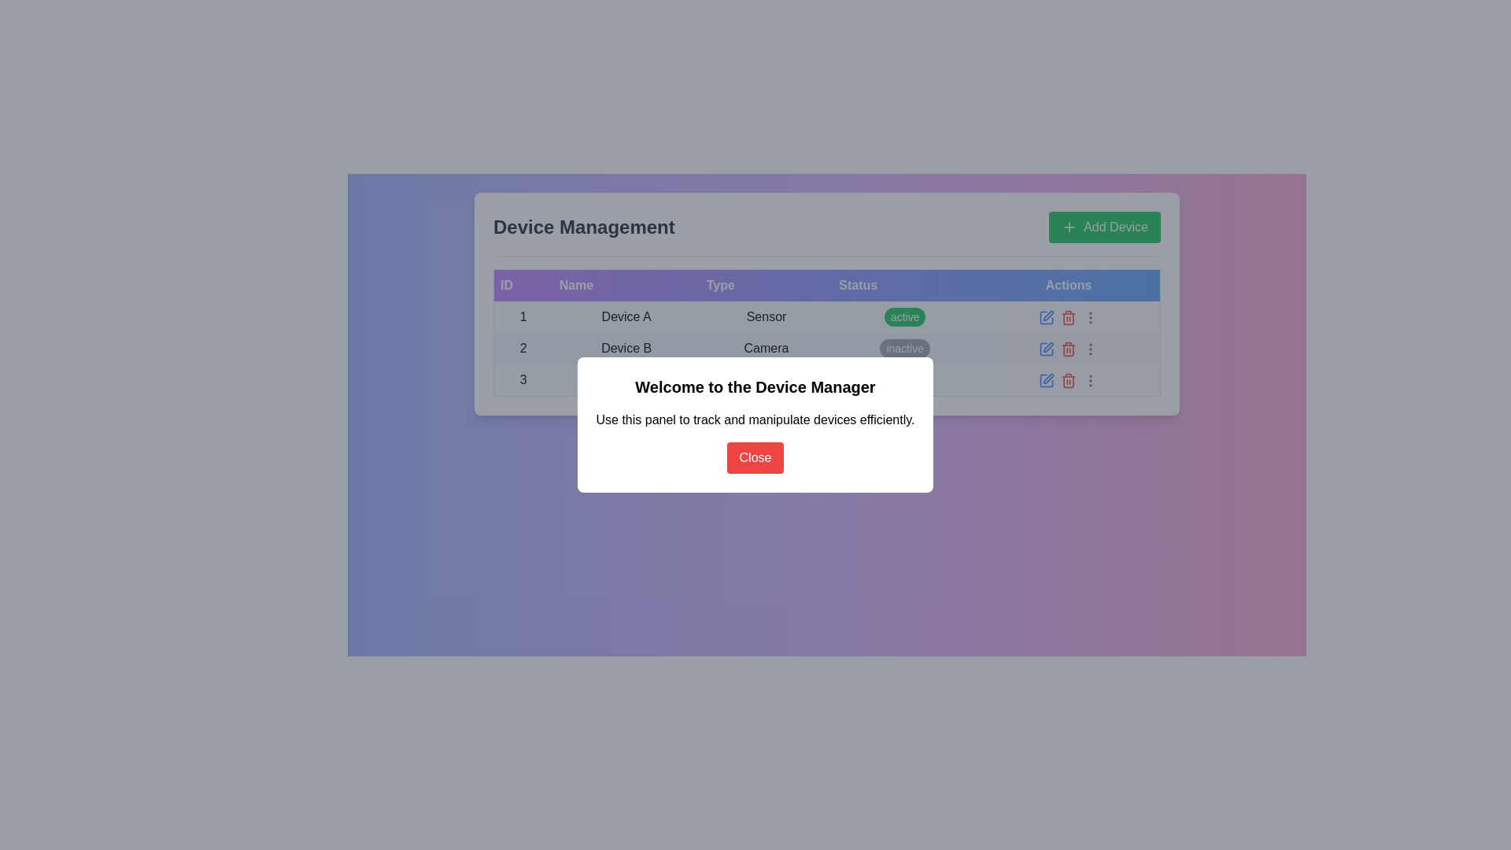  Describe the element at coordinates (826, 348) in the screenshot. I see `the second row of the table displaying information about 'Device B'` at that location.